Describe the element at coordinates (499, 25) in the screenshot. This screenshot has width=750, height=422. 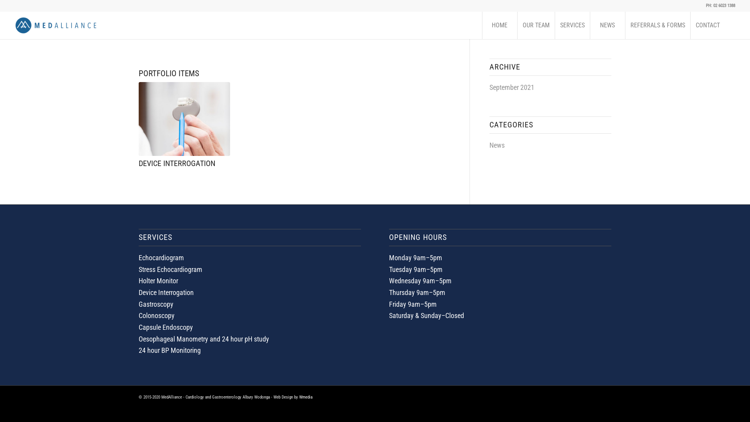
I see `'HOME'` at that location.